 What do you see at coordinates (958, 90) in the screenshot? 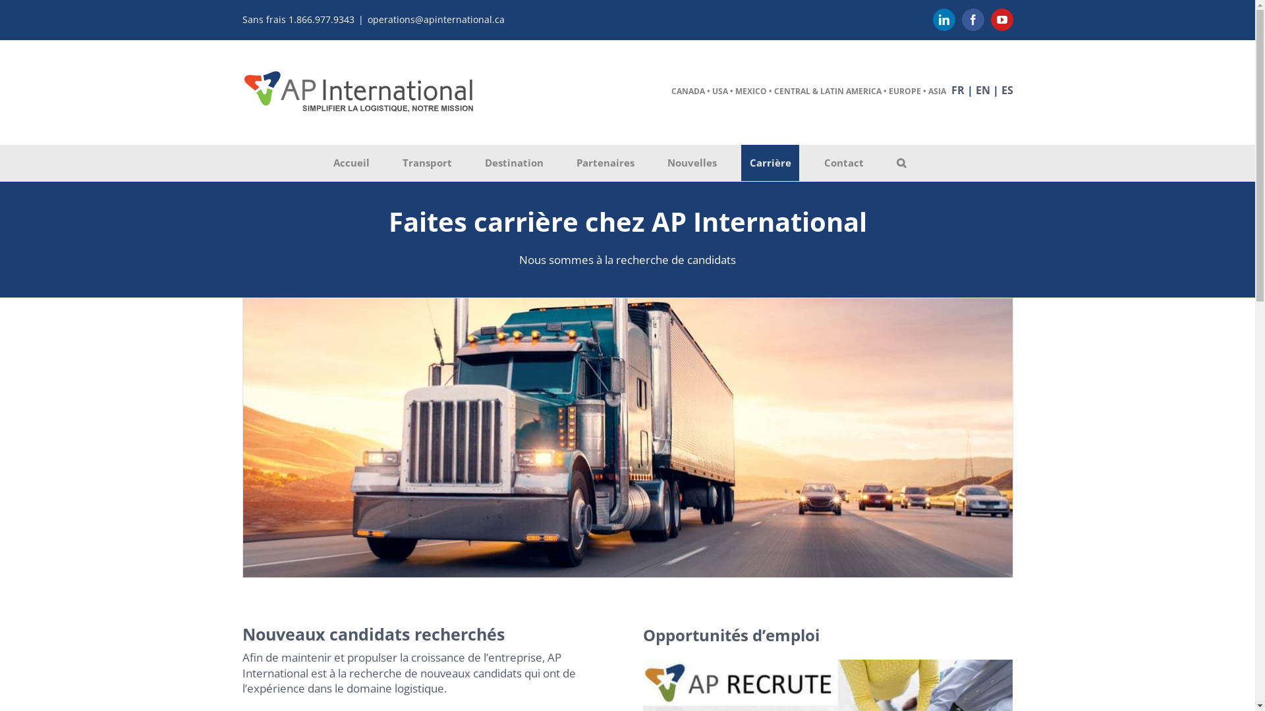
I see `'FR'` at bounding box center [958, 90].